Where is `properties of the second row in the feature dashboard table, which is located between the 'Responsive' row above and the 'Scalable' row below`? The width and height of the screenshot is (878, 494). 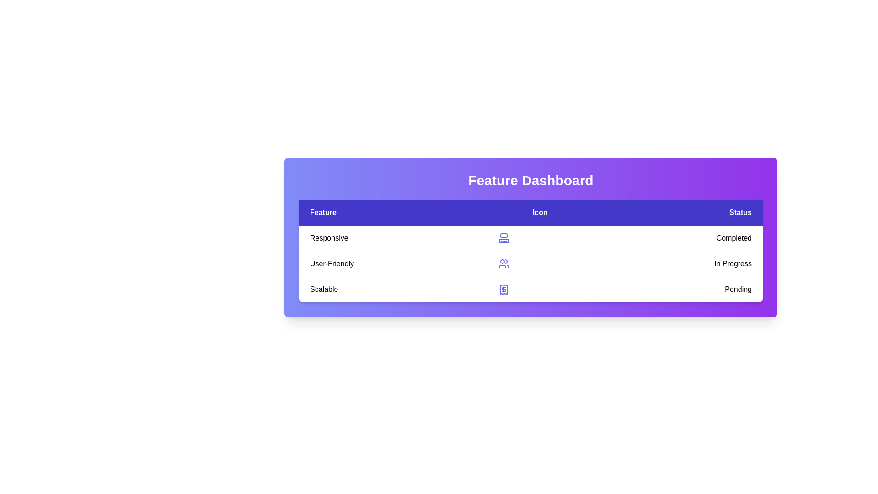 properties of the second row in the feature dashboard table, which is located between the 'Responsive' row above and the 'Scalable' row below is located at coordinates (531, 264).